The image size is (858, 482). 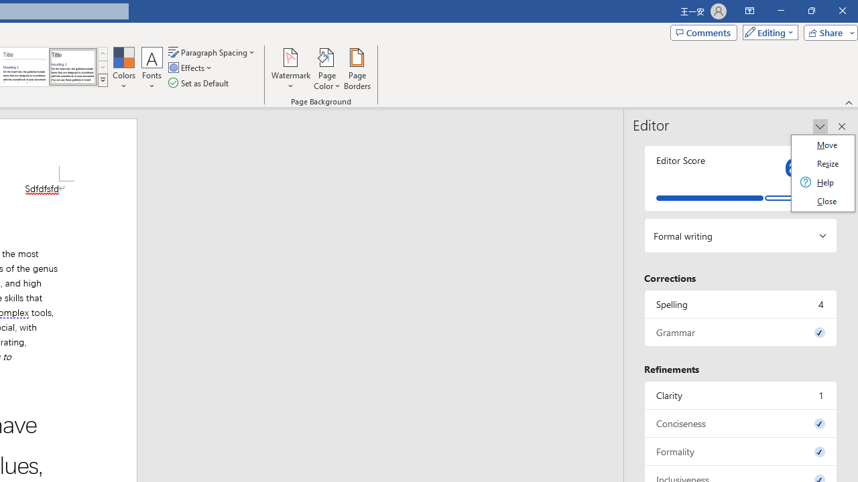 I want to click on 'Set as Default', so click(x=199, y=83).